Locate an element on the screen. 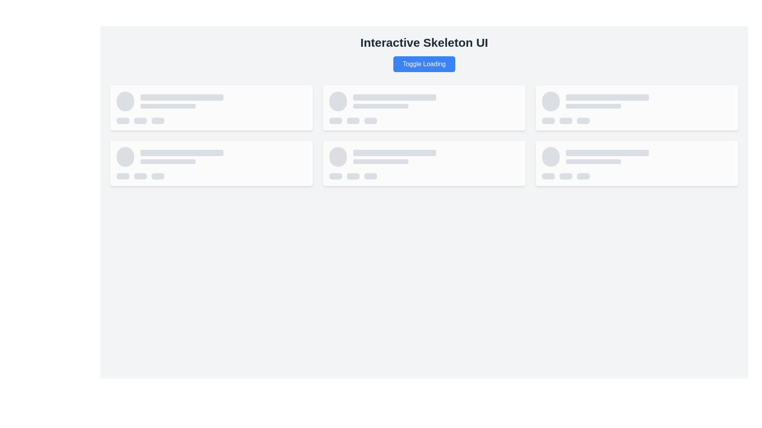  the static progress bar or placeholder bar located in the second row and third column of the grid, which serves as a non-interactive content placeholder is located at coordinates (181, 153).